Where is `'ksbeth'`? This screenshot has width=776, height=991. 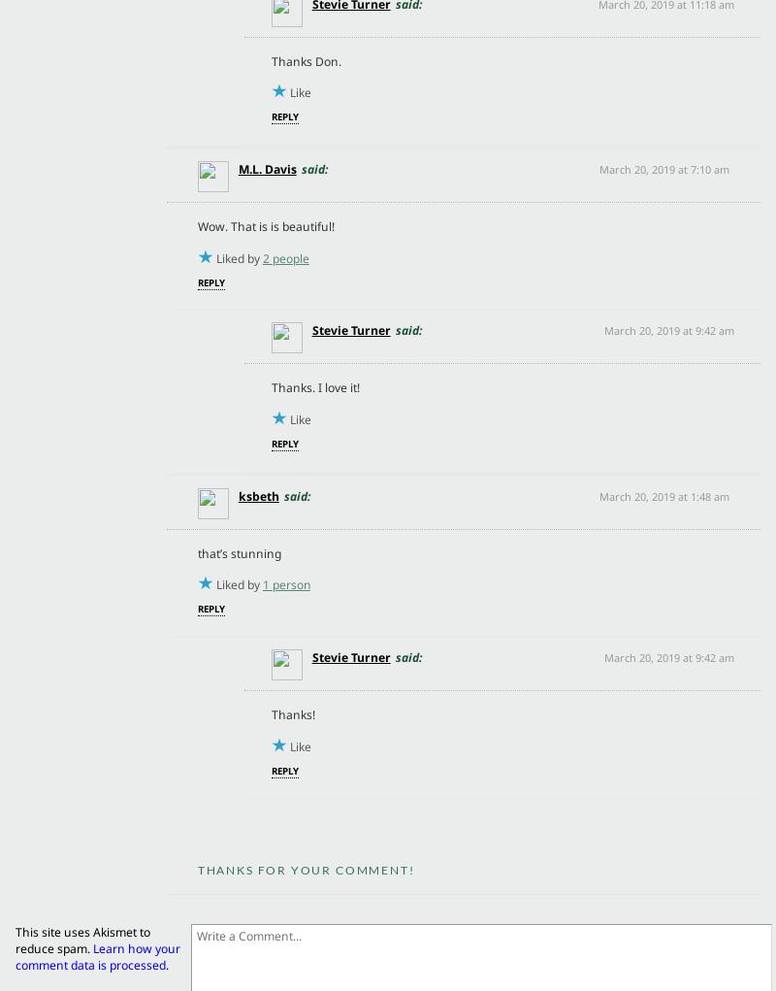
'ksbeth' is located at coordinates (257, 494).